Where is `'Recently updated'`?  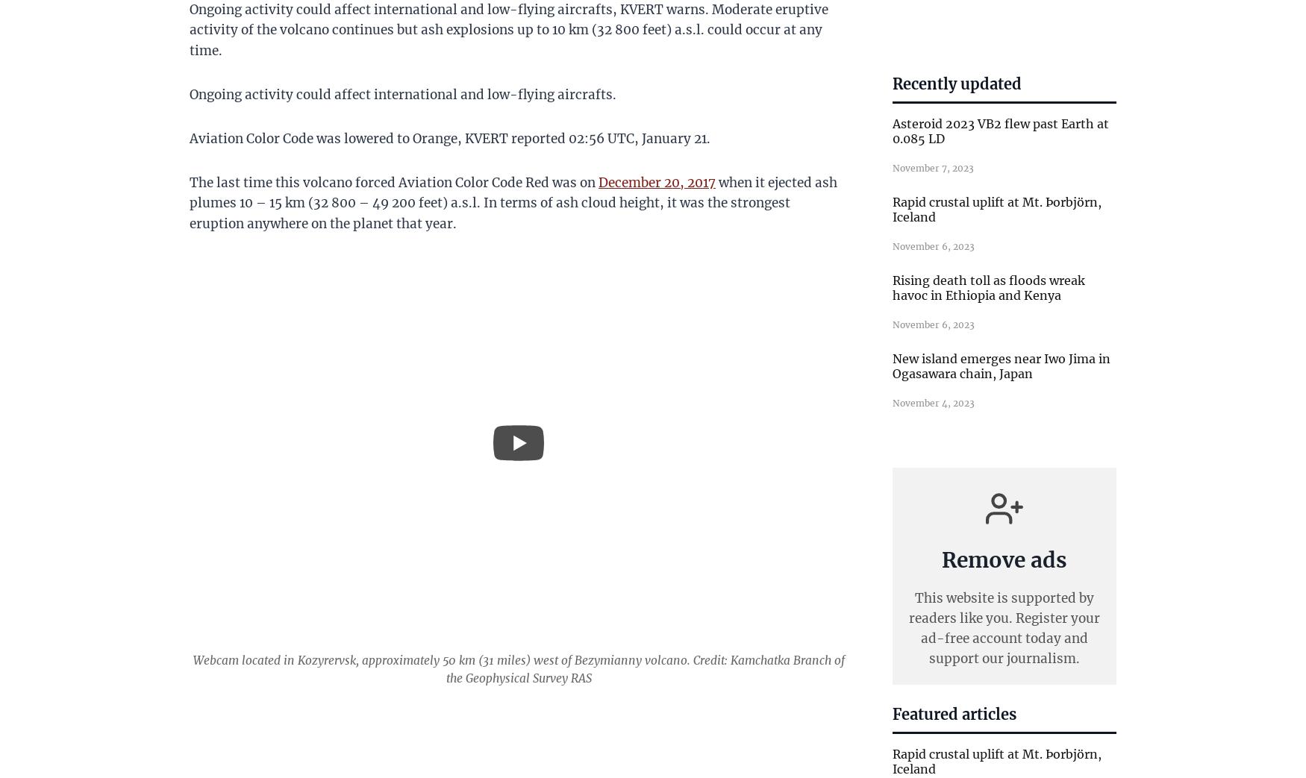 'Recently updated' is located at coordinates (956, 83).